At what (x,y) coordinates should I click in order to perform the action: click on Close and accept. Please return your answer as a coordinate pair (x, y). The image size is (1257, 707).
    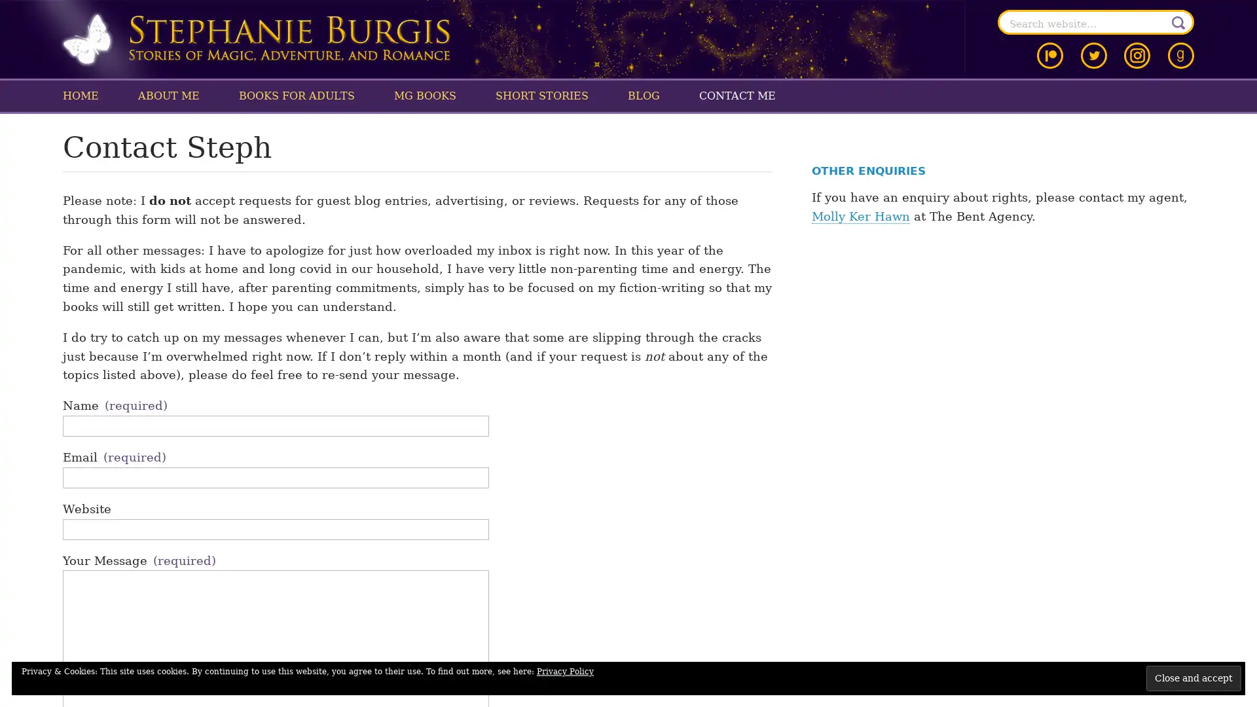
    Looking at the image, I should click on (1193, 678).